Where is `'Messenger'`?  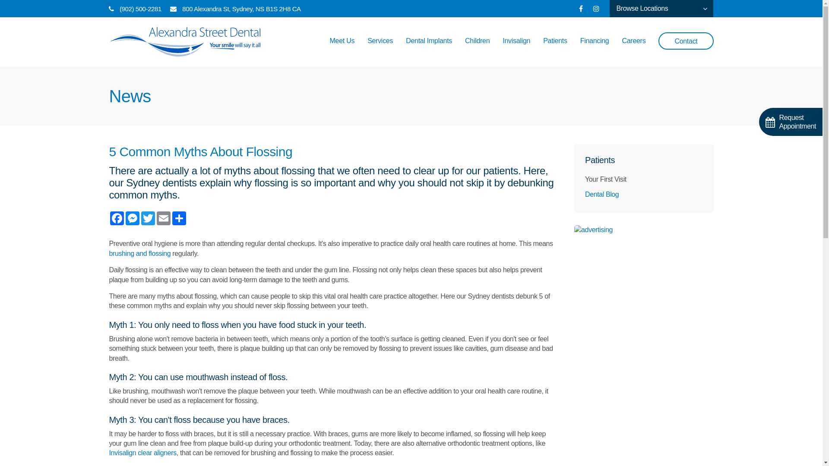
'Messenger' is located at coordinates (132, 217).